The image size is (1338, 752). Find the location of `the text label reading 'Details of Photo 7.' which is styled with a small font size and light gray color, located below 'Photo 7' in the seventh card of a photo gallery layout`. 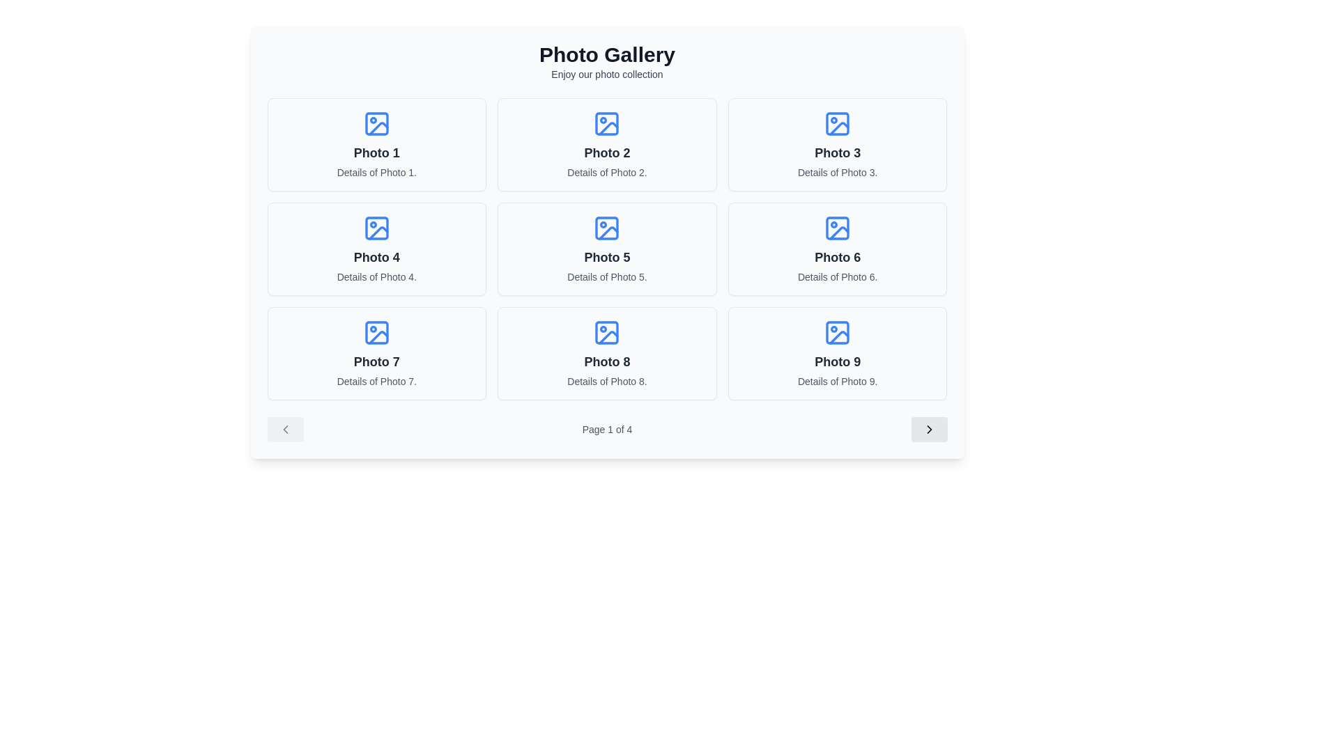

the text label reading 'Details of Photo 7.' which is styled with a small font size and light gray color, located below 'Photo 7' in the seventh card of a photo gallery layout is located at coordinates (376, 381).